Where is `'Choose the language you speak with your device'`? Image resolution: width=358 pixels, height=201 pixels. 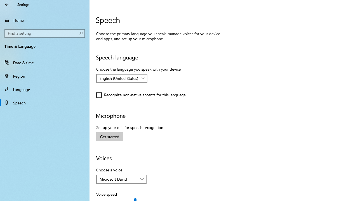
'Choose the language you speak with your device' is located at coordinates (121, 78).